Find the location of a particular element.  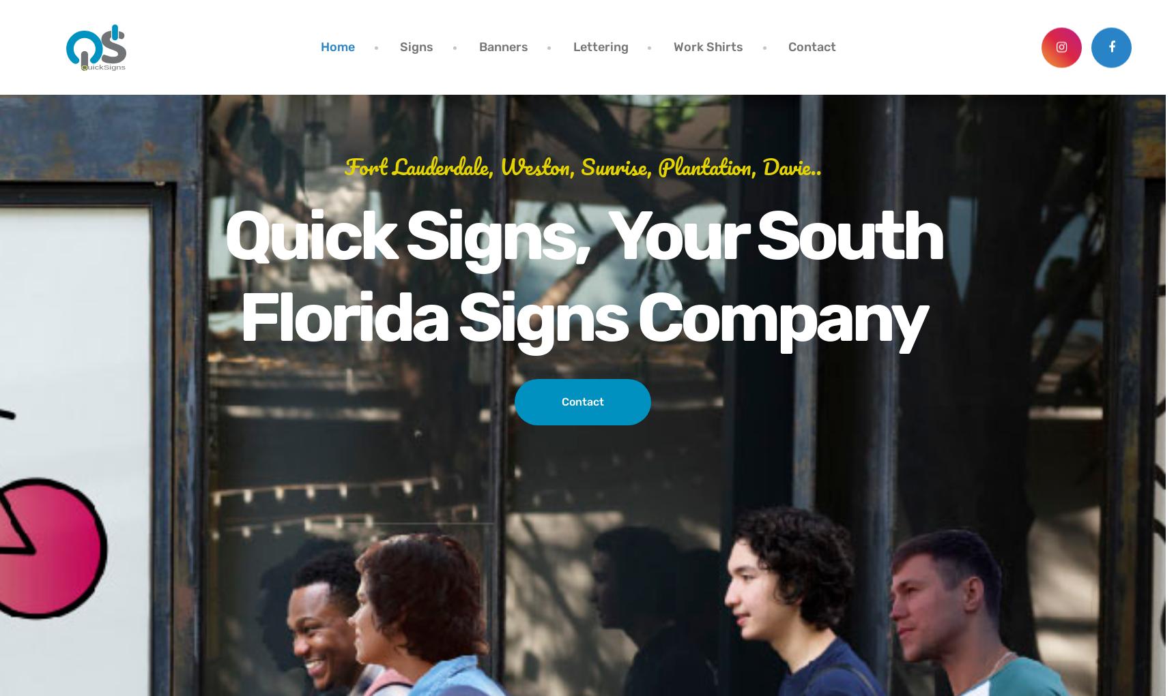

'Home' is located at coordinates (337, 46).